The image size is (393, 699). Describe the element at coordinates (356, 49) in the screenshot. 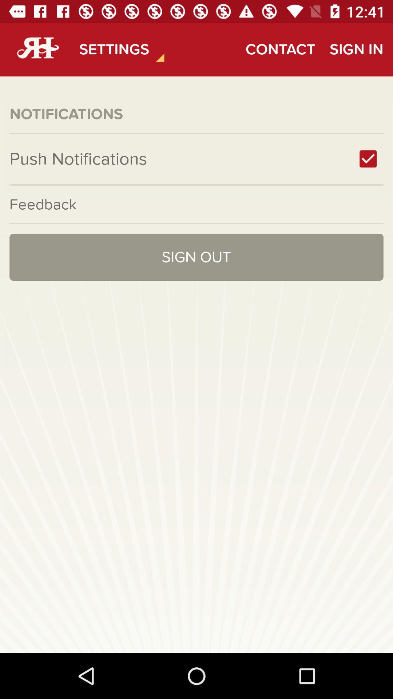

I see `icon next to contact icon` at that location.